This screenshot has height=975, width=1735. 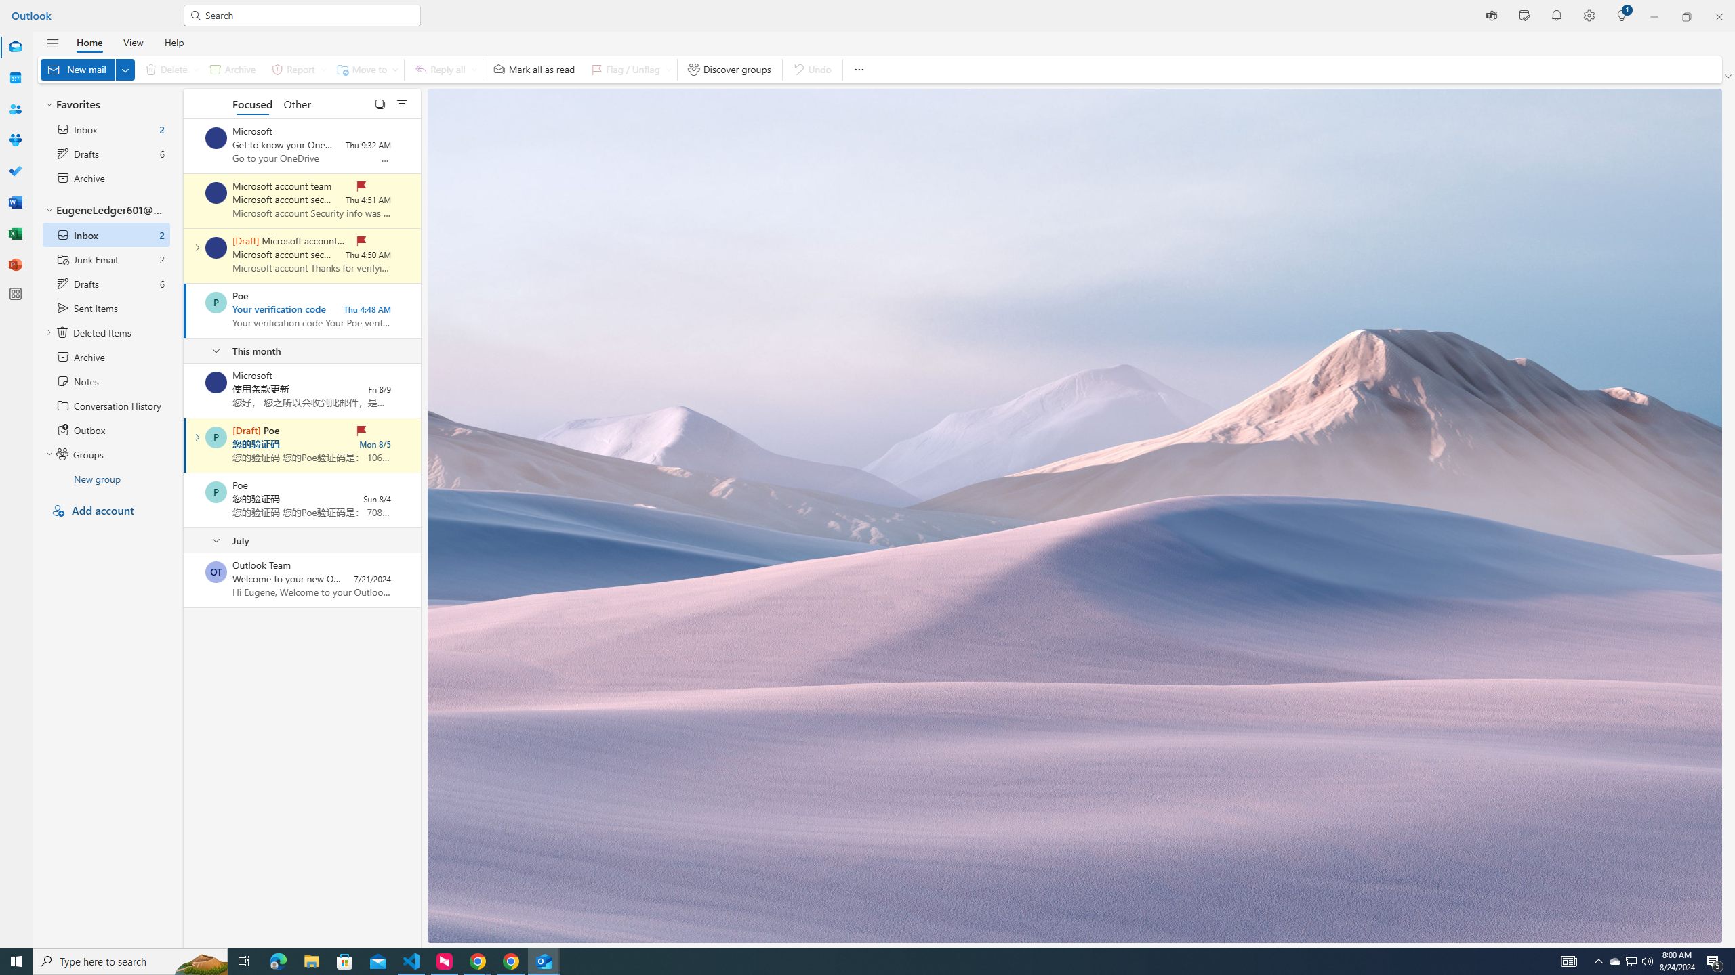 What do you see at coordinates (16, 233) in the screenshot?
I see `'Excel'` at bounding box center [16, 233].